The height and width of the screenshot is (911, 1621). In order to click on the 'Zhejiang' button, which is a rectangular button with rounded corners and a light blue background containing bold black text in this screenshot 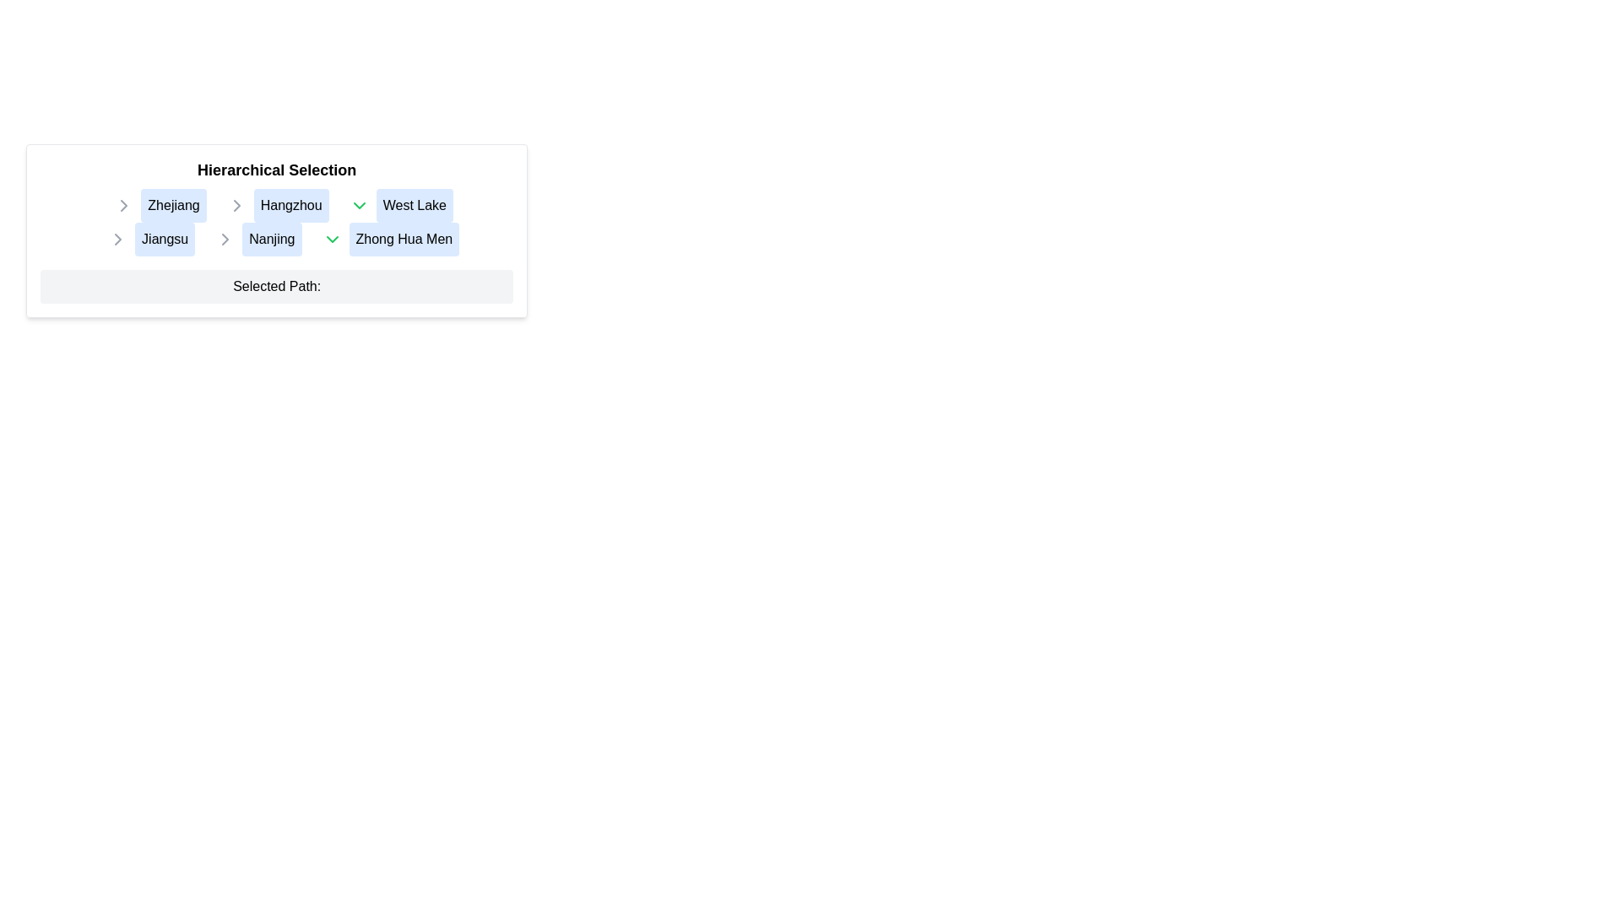, I will do `click(174, 204)`.